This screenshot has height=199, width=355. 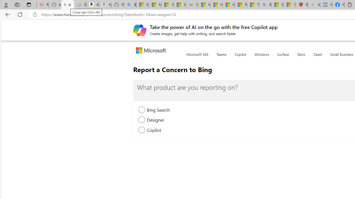 I want to click on 'Recipes - MSN', so click(x=241, y=5).